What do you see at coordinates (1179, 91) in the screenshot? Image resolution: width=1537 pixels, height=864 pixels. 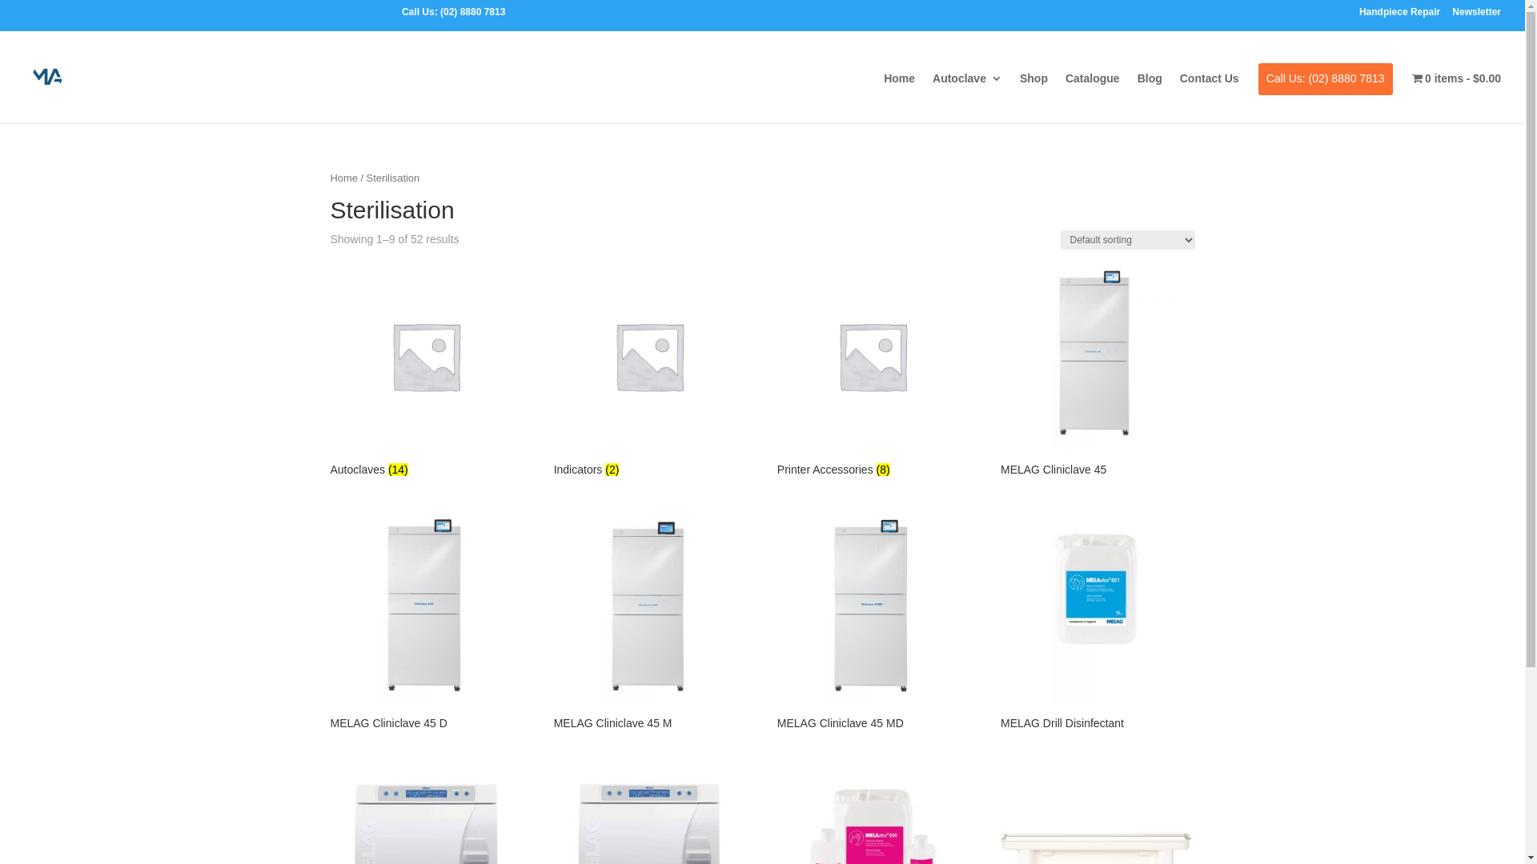 I see `'Contact Us'` at bounding box center [1179, 91].